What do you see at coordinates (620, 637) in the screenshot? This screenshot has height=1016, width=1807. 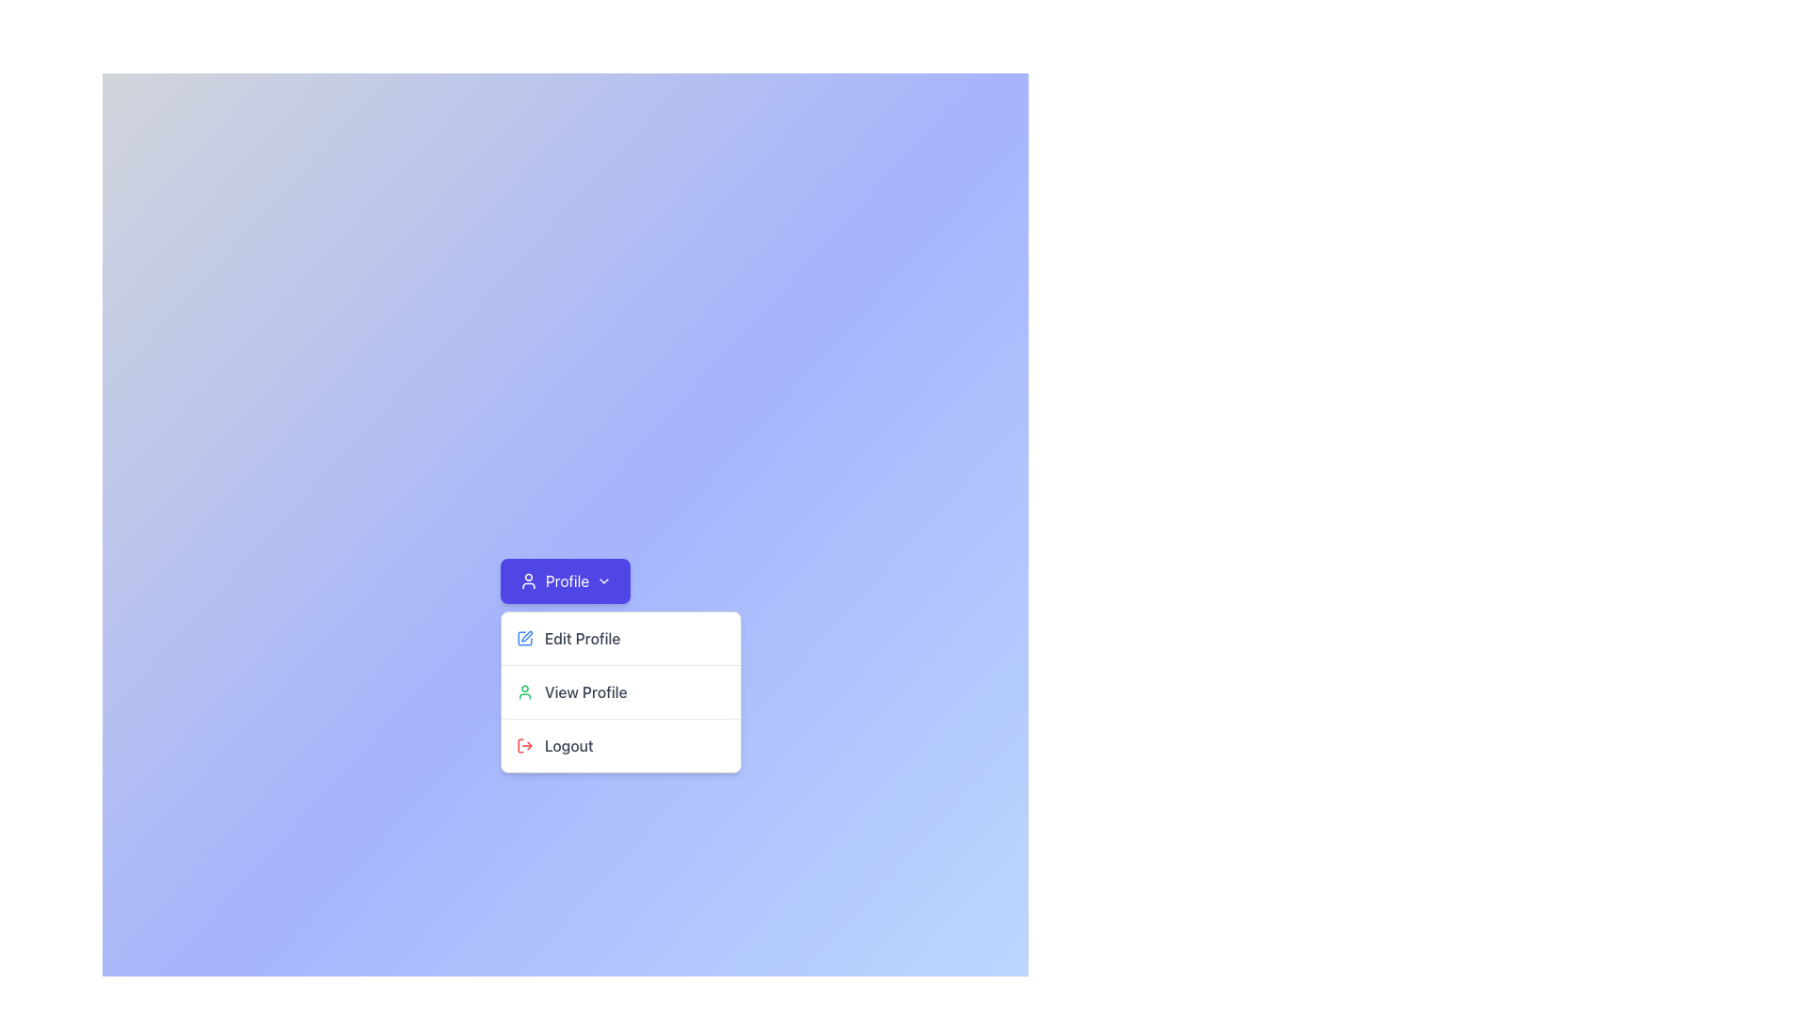 I see `the 'Edit Profile' menu item, which is the first item in a dropdown list` at bounding box center [620, 637].